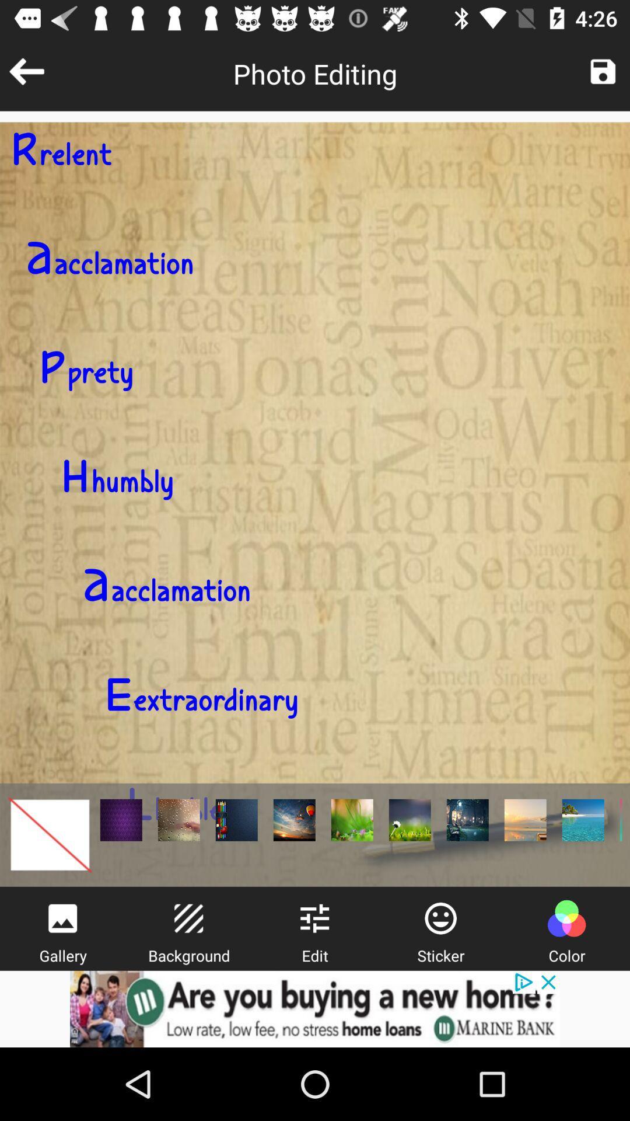 This screenshot has width=630, height=1121. Describe the element at coordinates (293, 819) in the screenshot. I see `the book icon` at that location.